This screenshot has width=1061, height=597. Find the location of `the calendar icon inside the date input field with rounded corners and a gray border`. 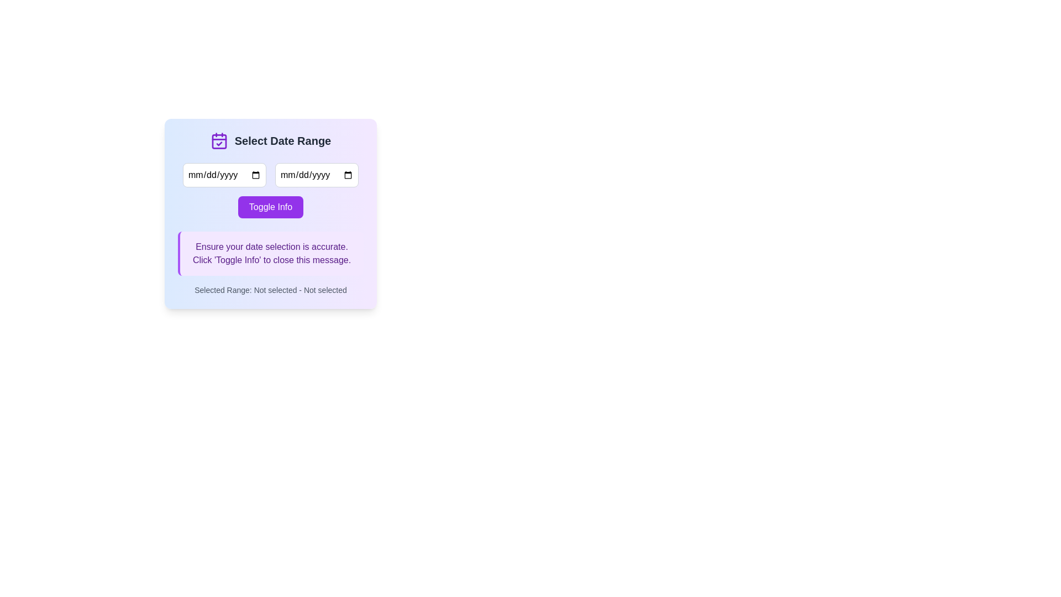

the calendar icon inside the date input field with rounded corners and a gray border is located at coordinates (316, 174).